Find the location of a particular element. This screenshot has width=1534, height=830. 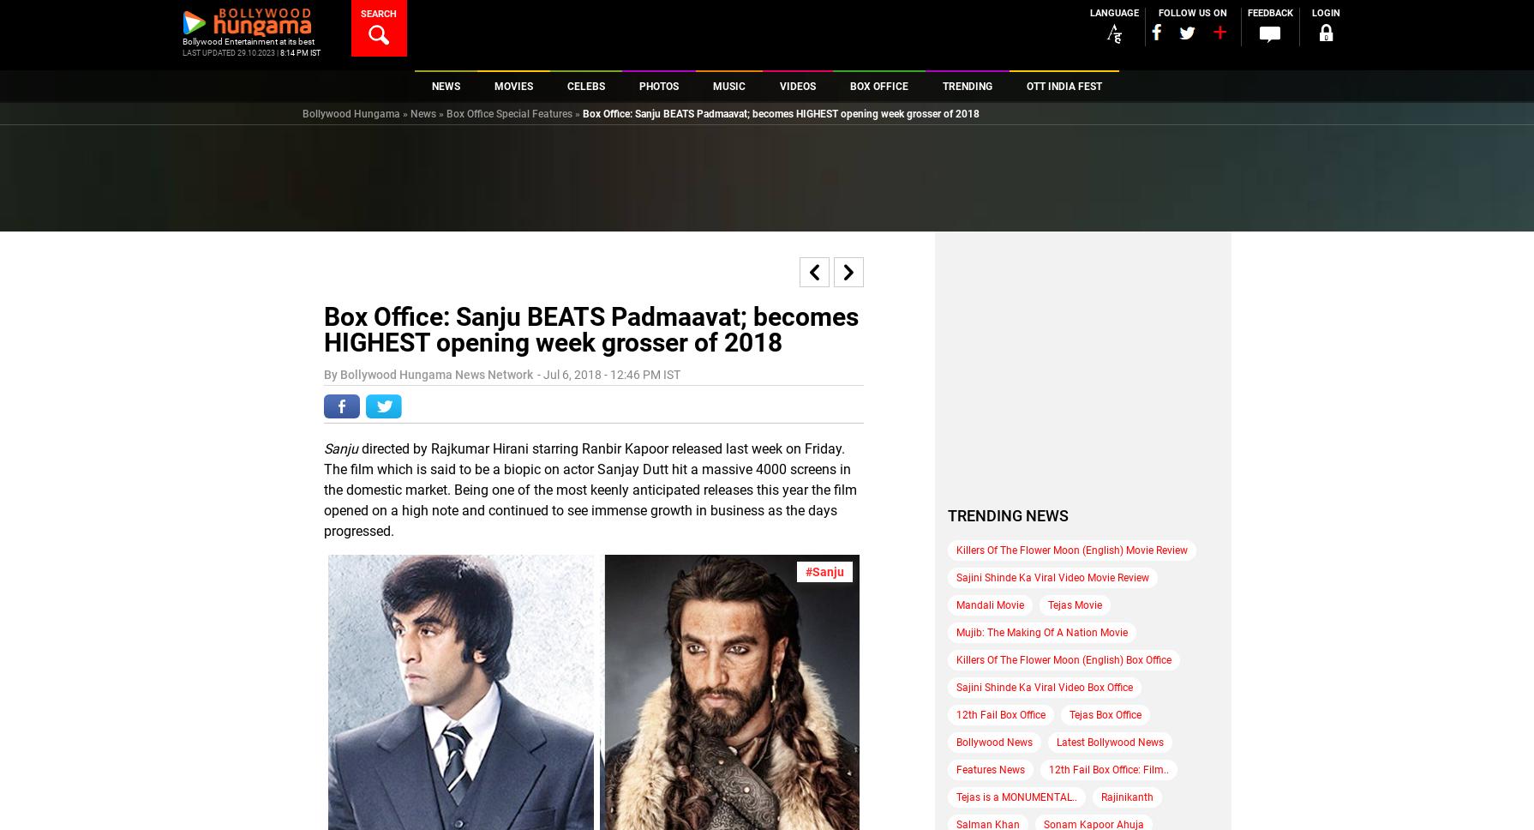

'Tejas Movie' is located at coordinates (1075, 603).